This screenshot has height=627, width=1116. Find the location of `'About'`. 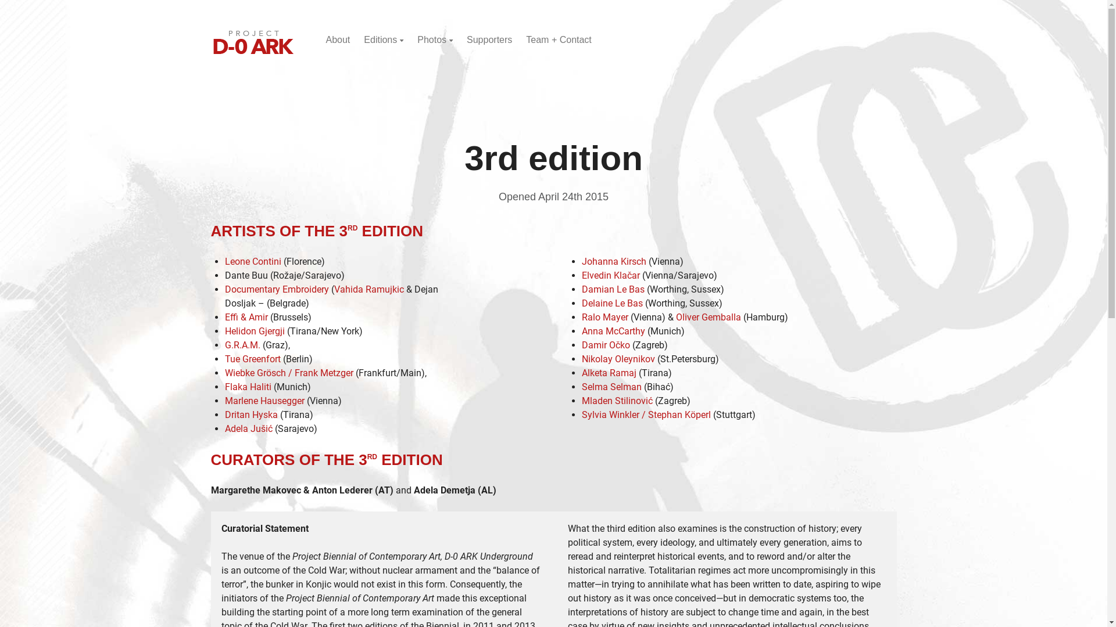

'About' is located at coordinates (337, 39).